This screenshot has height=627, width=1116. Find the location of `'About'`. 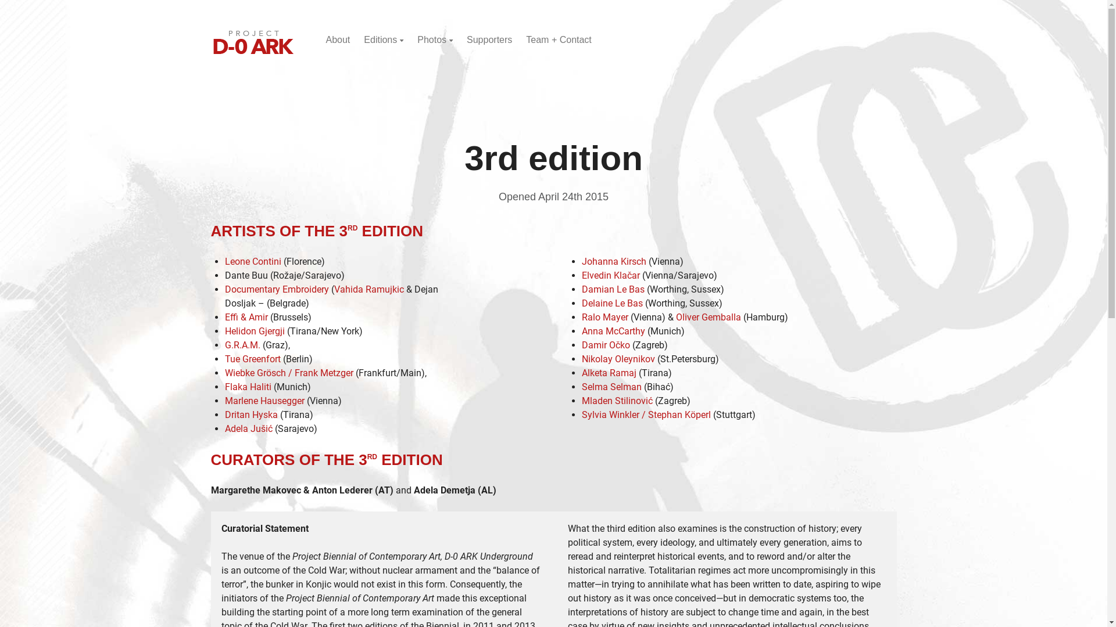

'About' is located at coordinates (337, 39).